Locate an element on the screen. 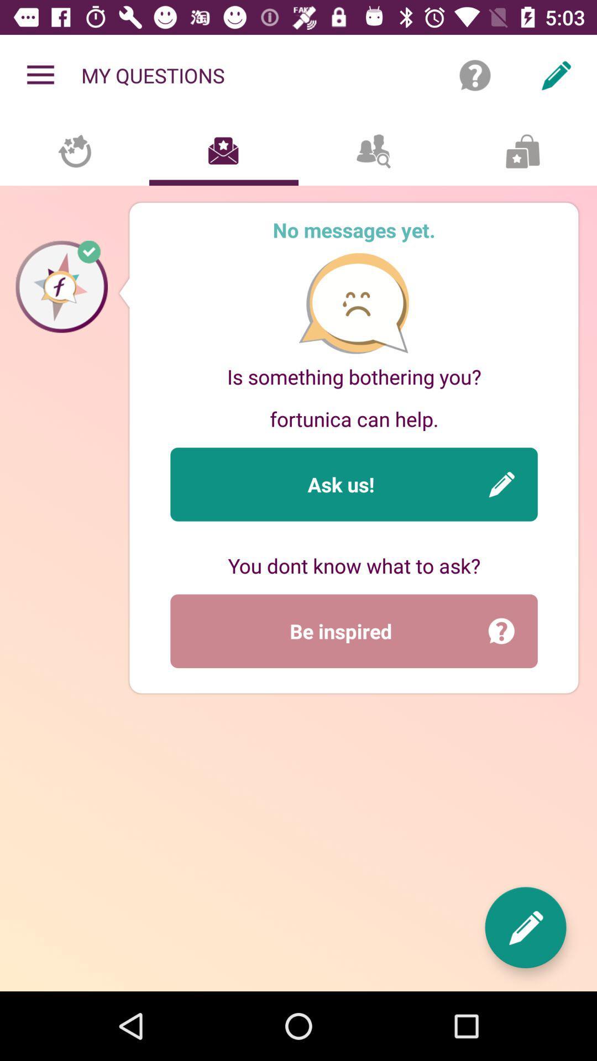 The image size is (597, 1061). the item to the left of the my questions icon is located at coordinates (40, 75).